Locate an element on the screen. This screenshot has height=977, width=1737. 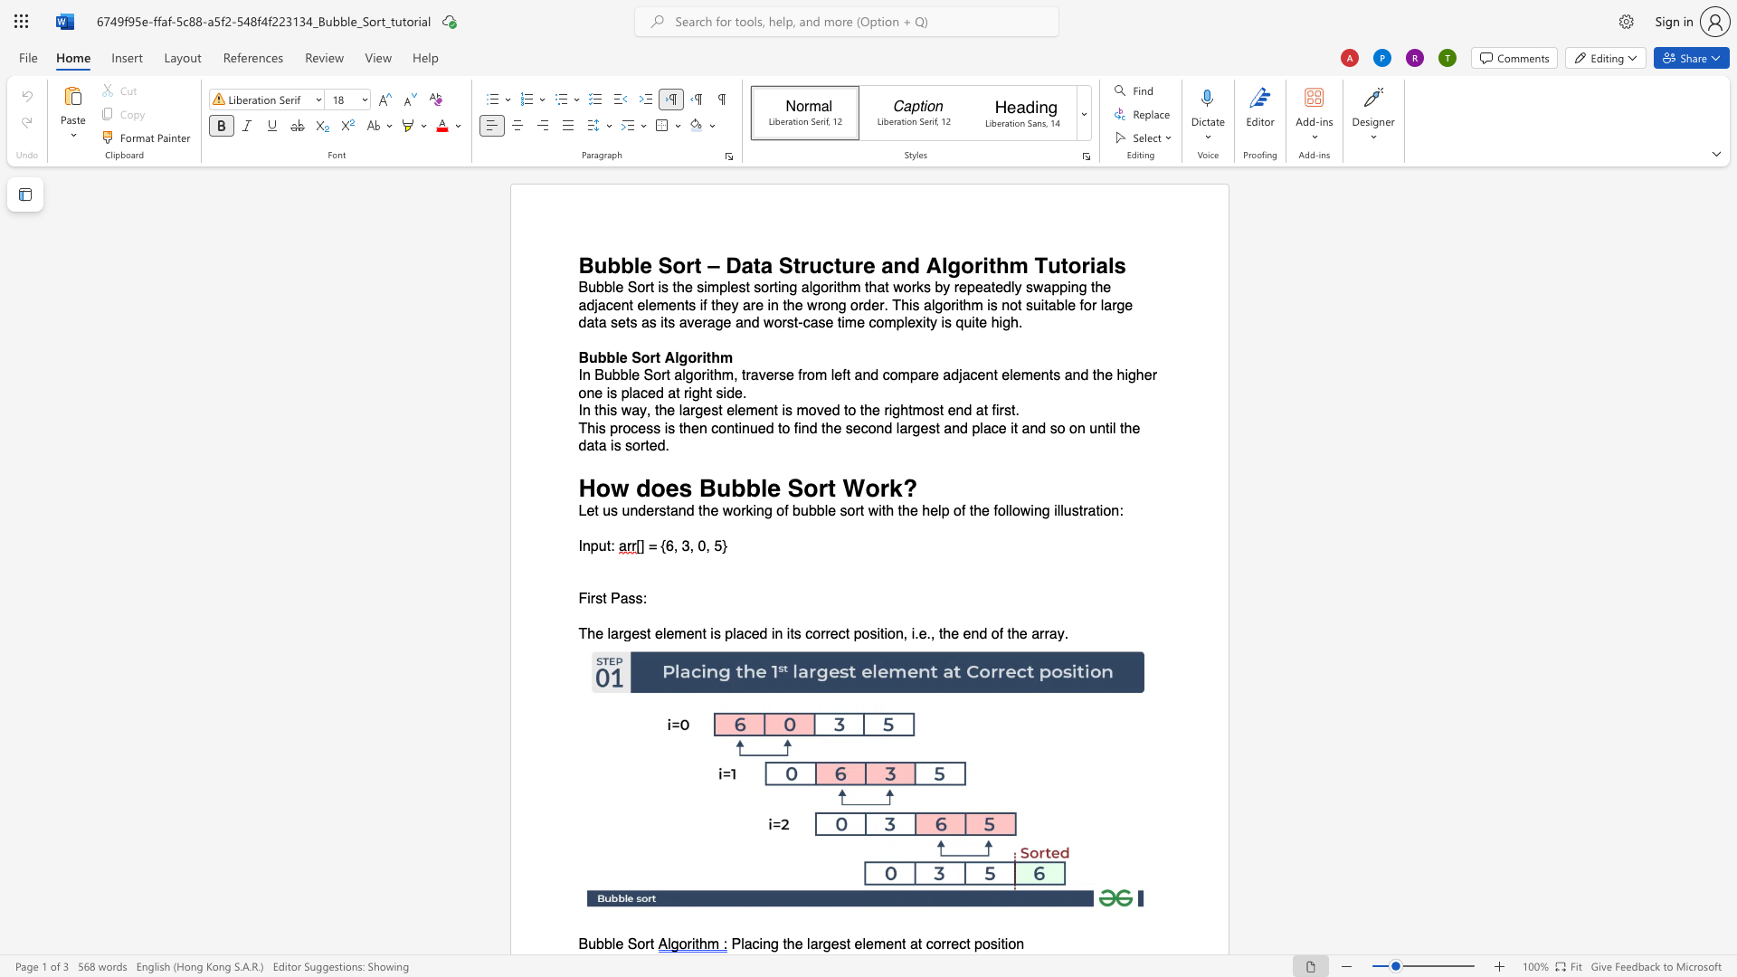
the 2th character "S" in the text is located at coordinates (785, 265).